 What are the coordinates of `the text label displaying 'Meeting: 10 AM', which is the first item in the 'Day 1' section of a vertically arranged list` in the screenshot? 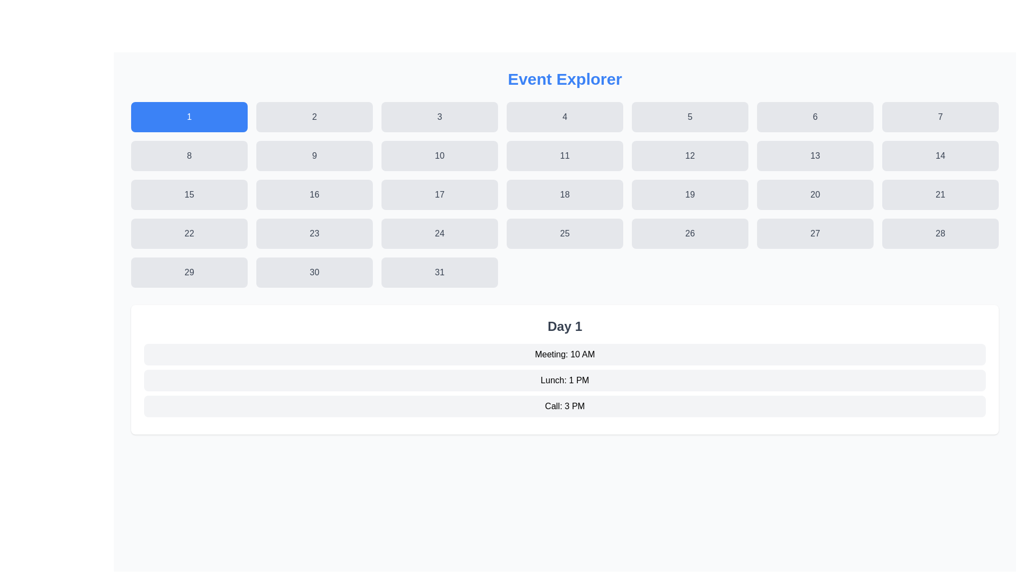 It's located at (564, 354).